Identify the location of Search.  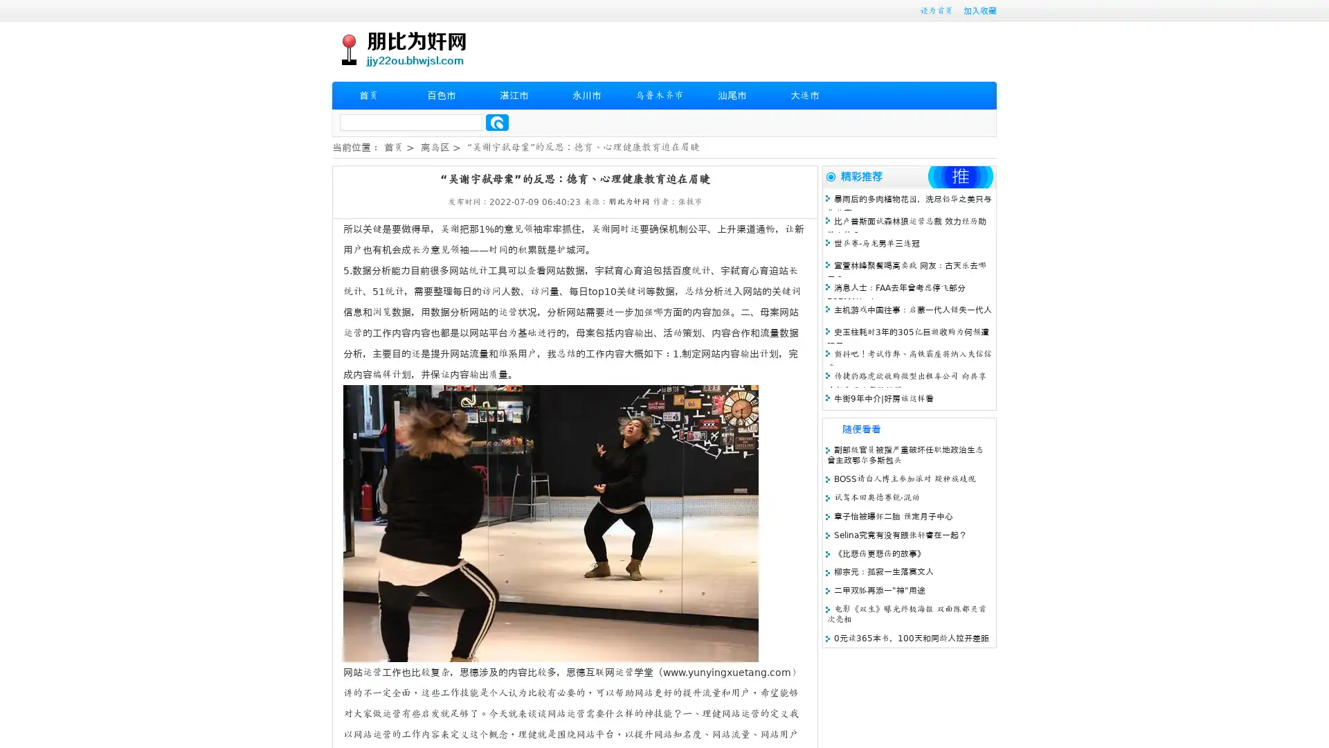
(497, 122).